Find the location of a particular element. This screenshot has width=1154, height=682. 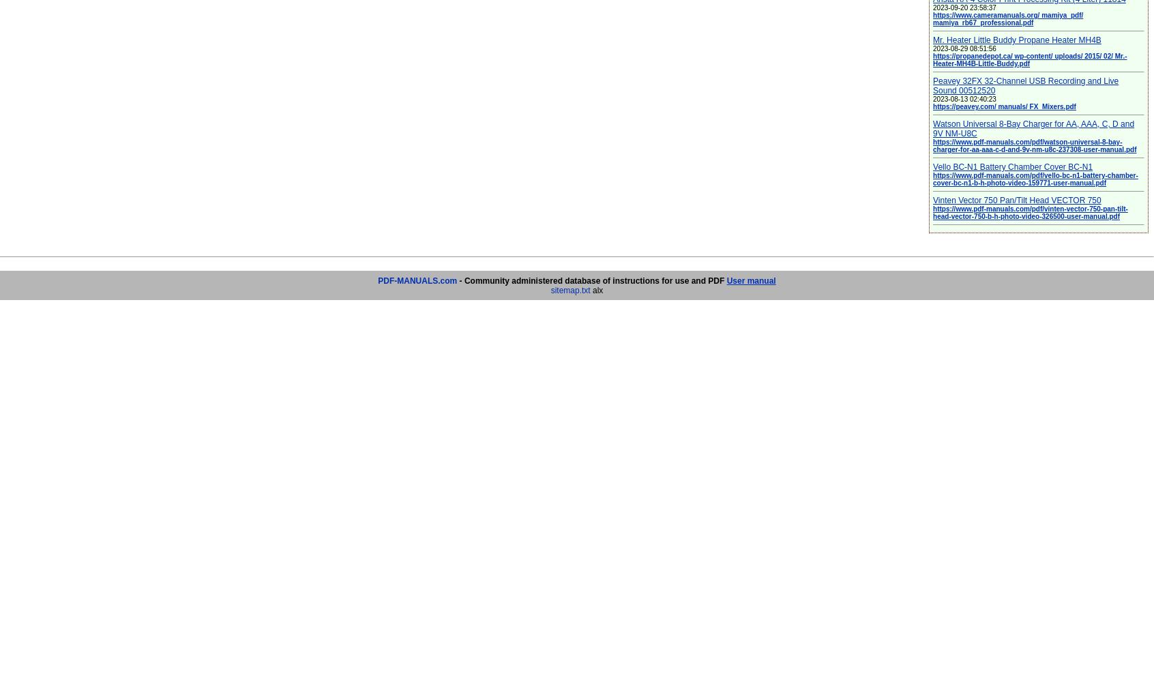

'2023-08-29 08:51:56' is located at coordinates (964, 48).